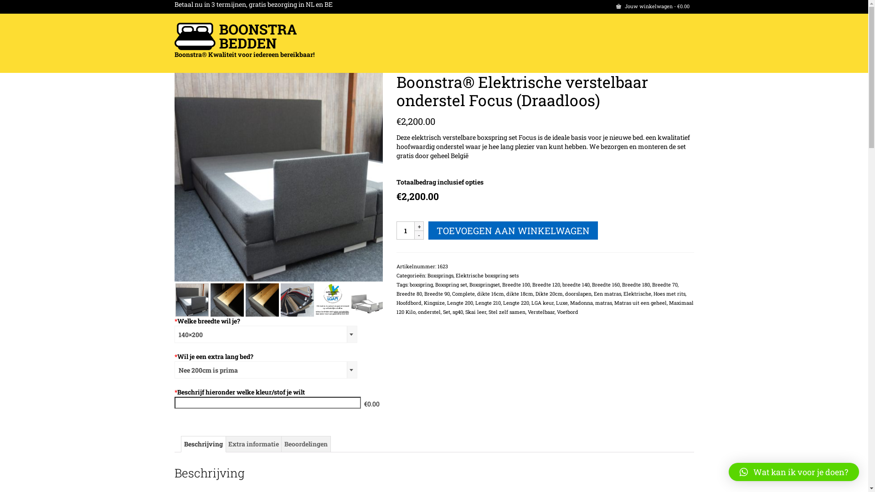 The image size is (875, 492). What do you see at coordinates (637, 293) in the screenshot?
I see `'Elektrische'` at bounding box center [637, 293].